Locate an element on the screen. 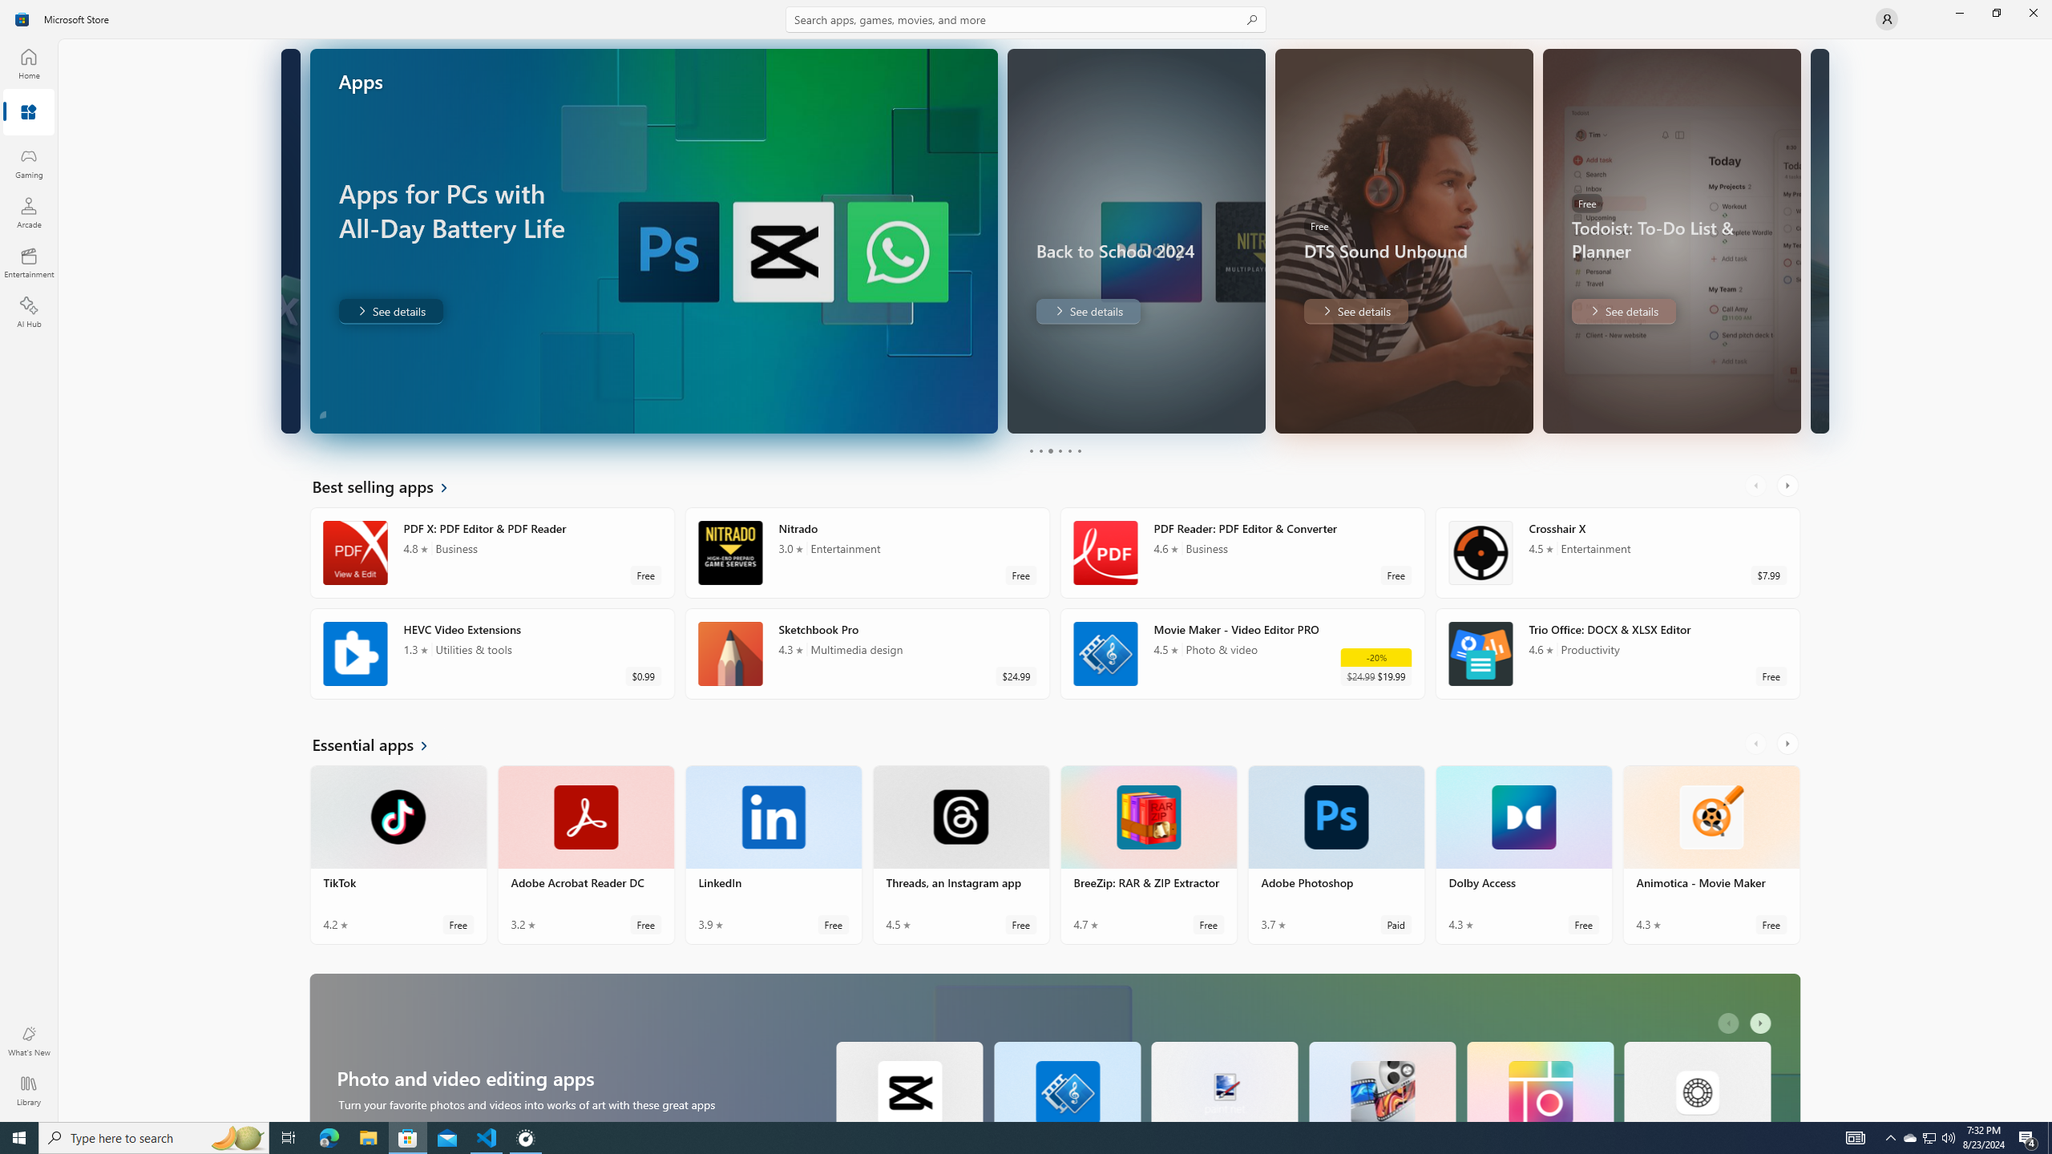 Image resolution: width=2052 pixels, height=1154 pixels. 'Arcade' is located at coordinates (27, 212).